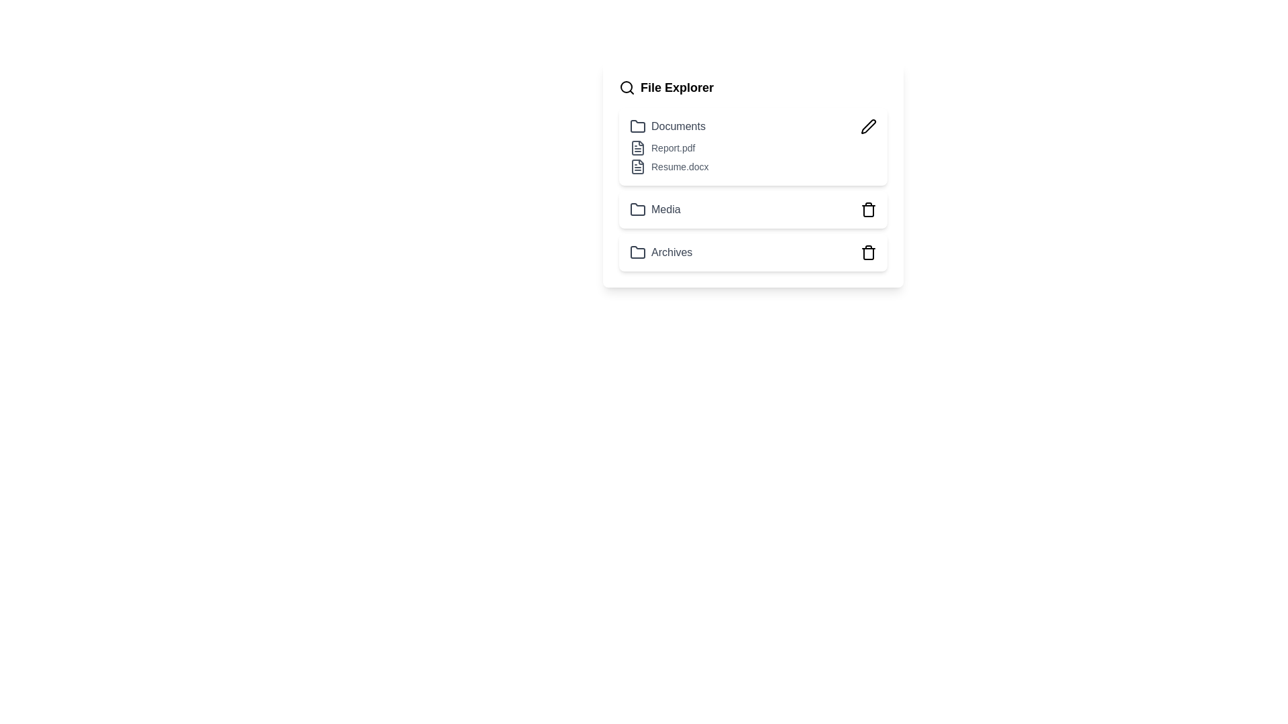 The height and width of the screenshot is (724, 1288). Describe the element at coordinates (753, 157) in the screenshot. I see `the filename 'Report.pdf' in the Documents section of the File Explorer` at that location.